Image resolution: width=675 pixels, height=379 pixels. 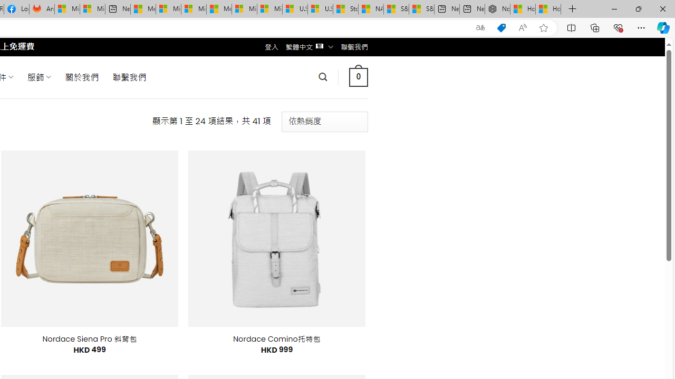 What do you see at coordinates (358, 76) in the screenshot?
I see `'  0  '` at bounding box center [358, 76].